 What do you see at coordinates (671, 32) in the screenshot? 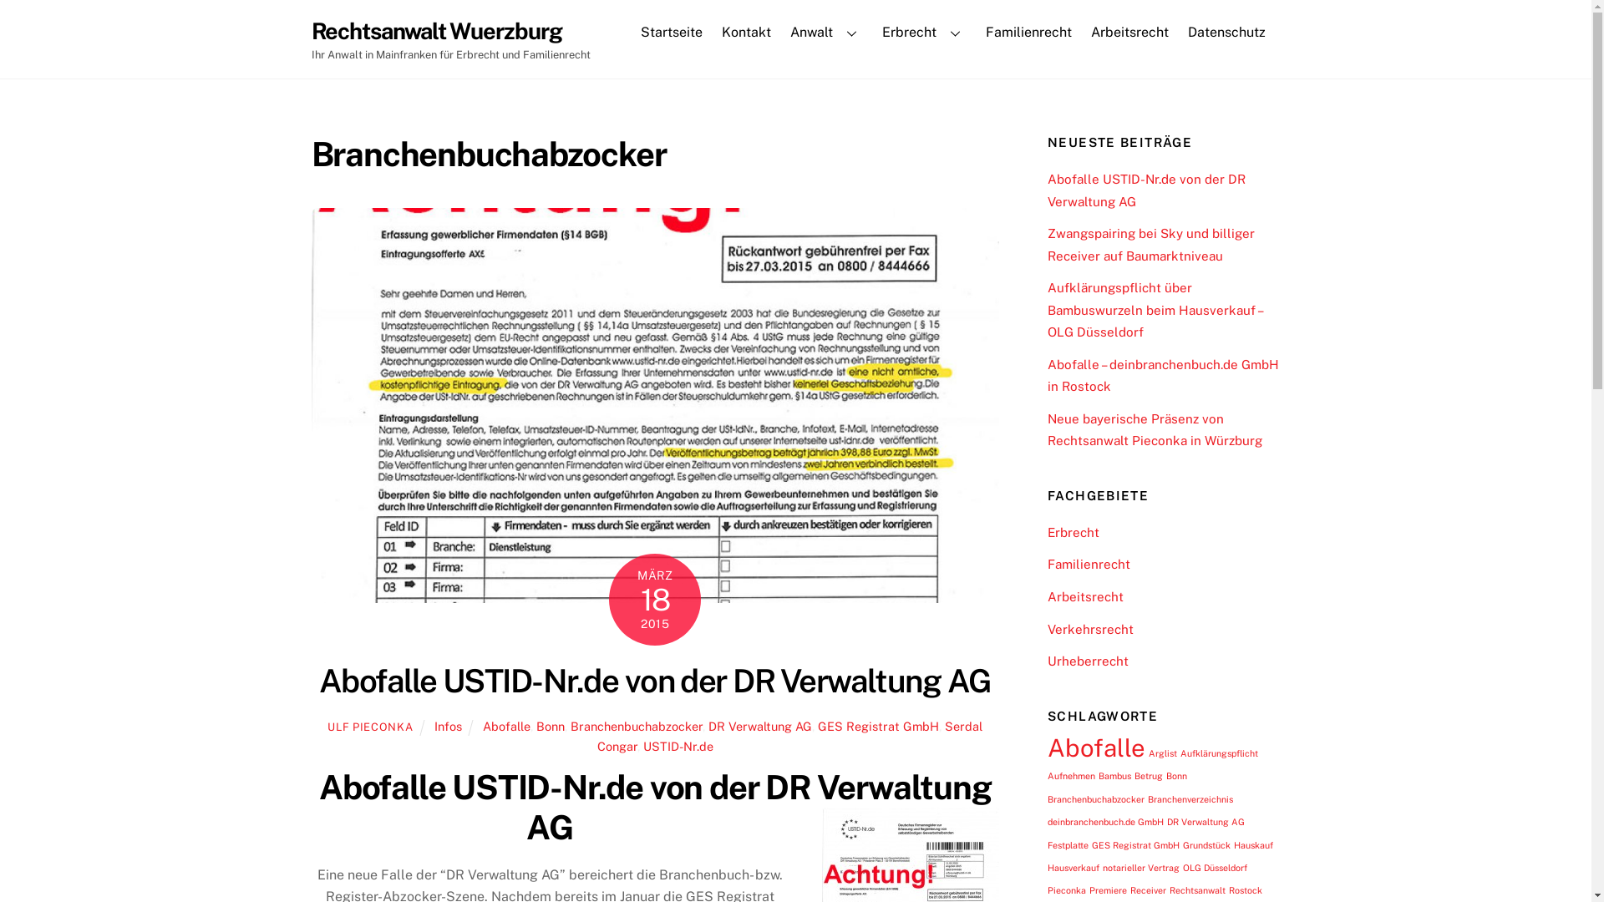
I see `'Startseite'` at bounding box center [671, 32].